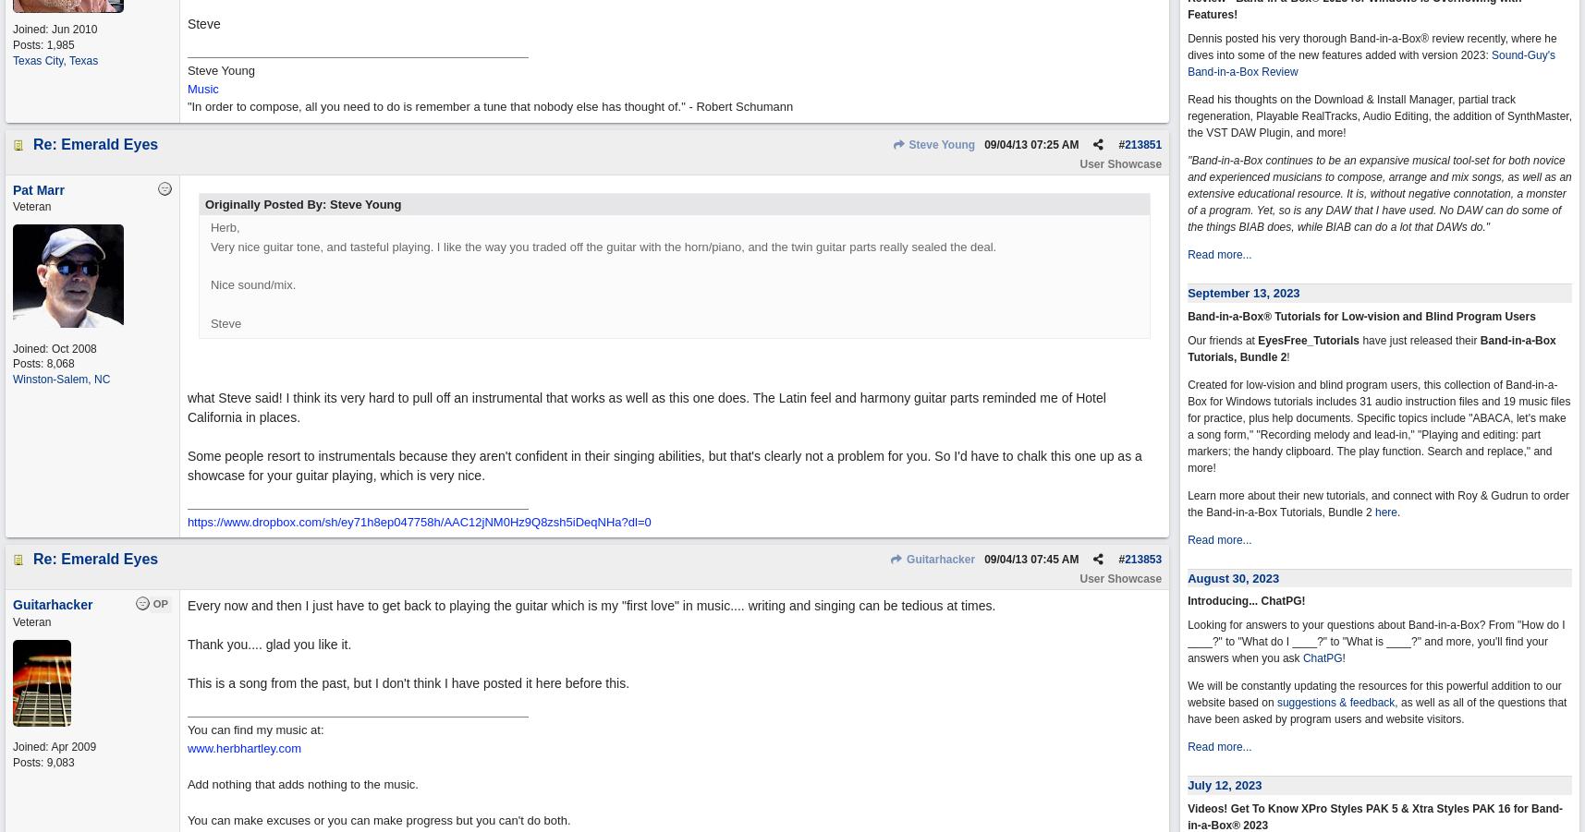  Describe the element at coordinates (1187, 193) in the screenshot. I see `'"Band-in-a-Box continues to be an expansive musical tool-set for both novice and experienced musicians to compose, arrange and mix songs, as well as an extensive educational resource. It is, without negative connotation, a monster of a program. Yet, so is any DAW that I have used. No DAW can do some of the things BIAB does, while BIAB can do a lot that DAWs do."'` at that location.